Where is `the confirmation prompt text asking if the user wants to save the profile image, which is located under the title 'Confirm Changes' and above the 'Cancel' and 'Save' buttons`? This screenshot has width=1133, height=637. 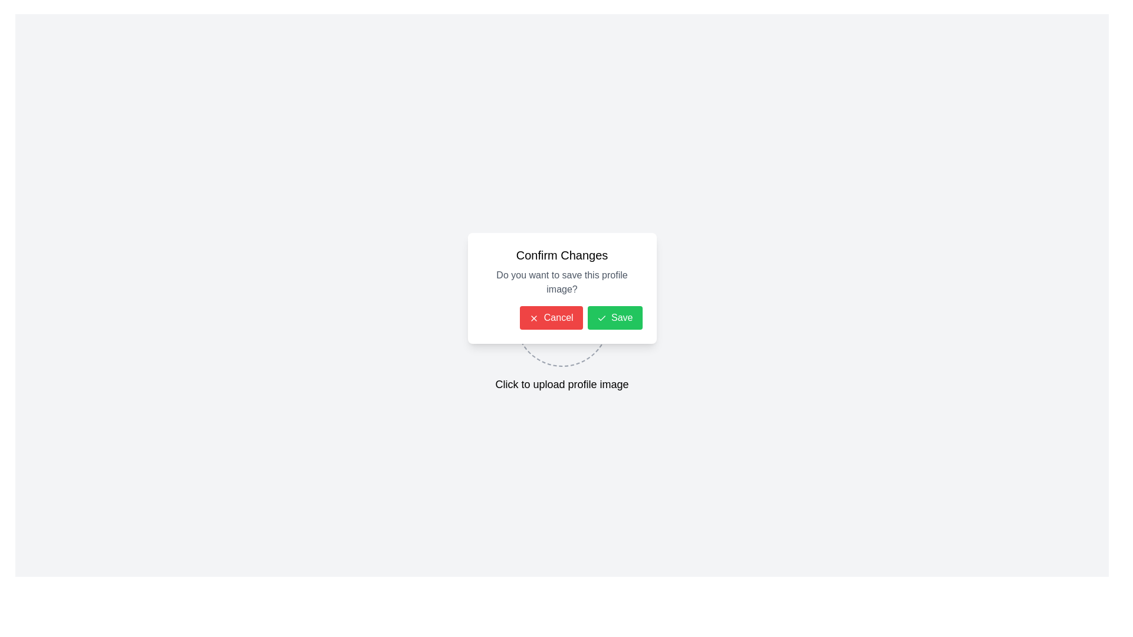 the confirmation prompt text asking if the user wants to save the profile image, which is located under the title 'Confirm Changes' and above the 'Cancel' and 'Save' buttons is located at coordinates (561, 282).